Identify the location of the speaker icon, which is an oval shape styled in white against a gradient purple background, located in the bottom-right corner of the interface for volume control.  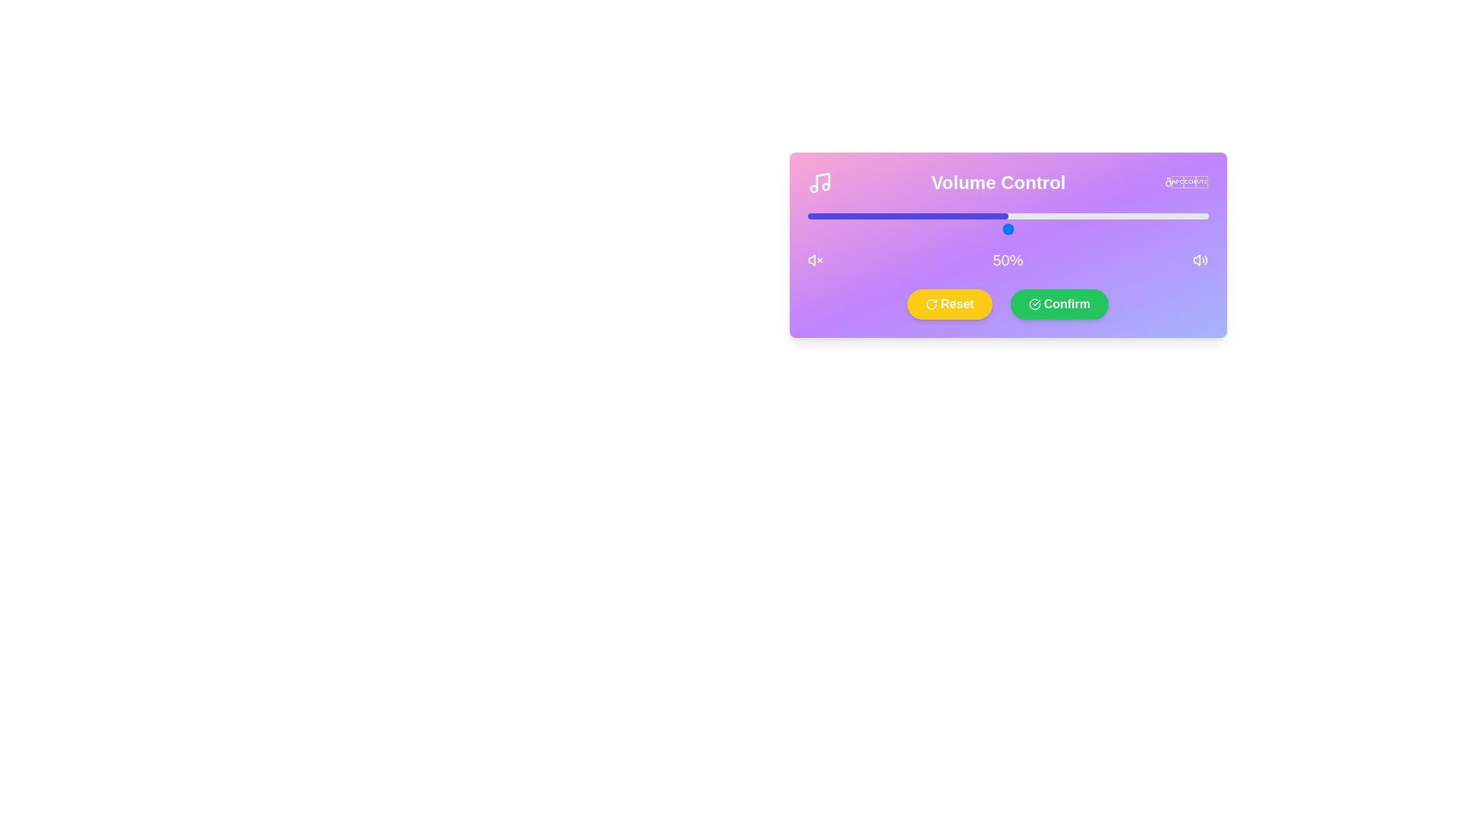
(1196, 260).